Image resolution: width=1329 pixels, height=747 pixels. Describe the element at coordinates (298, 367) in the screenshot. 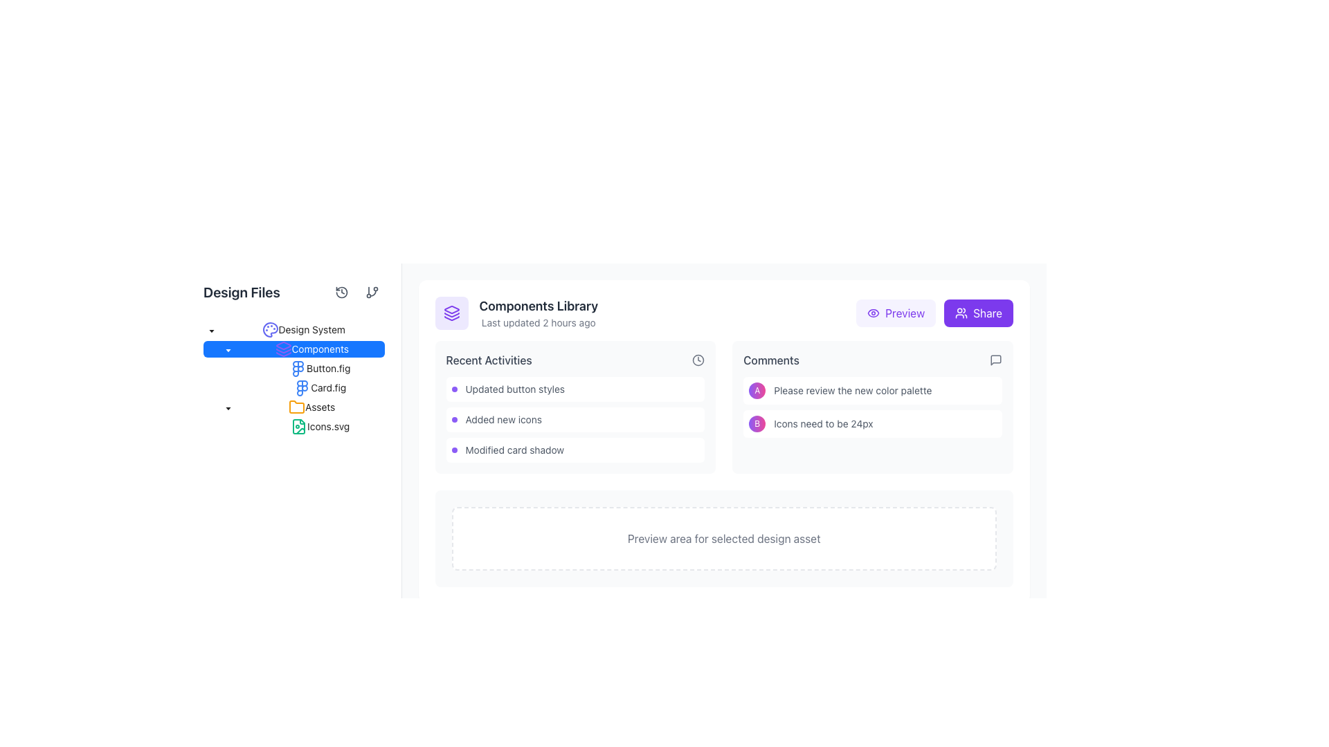

I see `the multi-colored Figma logo icon located in the left navigation menu under the 'Components' folder, associated with the 'Button.fig' file` at that location.